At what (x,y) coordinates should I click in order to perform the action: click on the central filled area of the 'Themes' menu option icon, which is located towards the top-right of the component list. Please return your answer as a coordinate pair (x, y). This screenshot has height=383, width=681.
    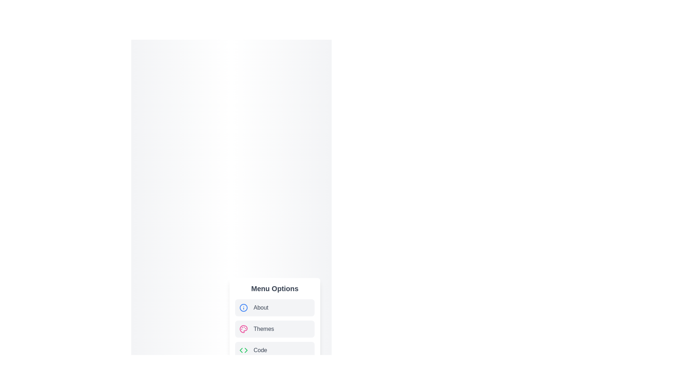
    Looking at the image, I should click on (243, 329).